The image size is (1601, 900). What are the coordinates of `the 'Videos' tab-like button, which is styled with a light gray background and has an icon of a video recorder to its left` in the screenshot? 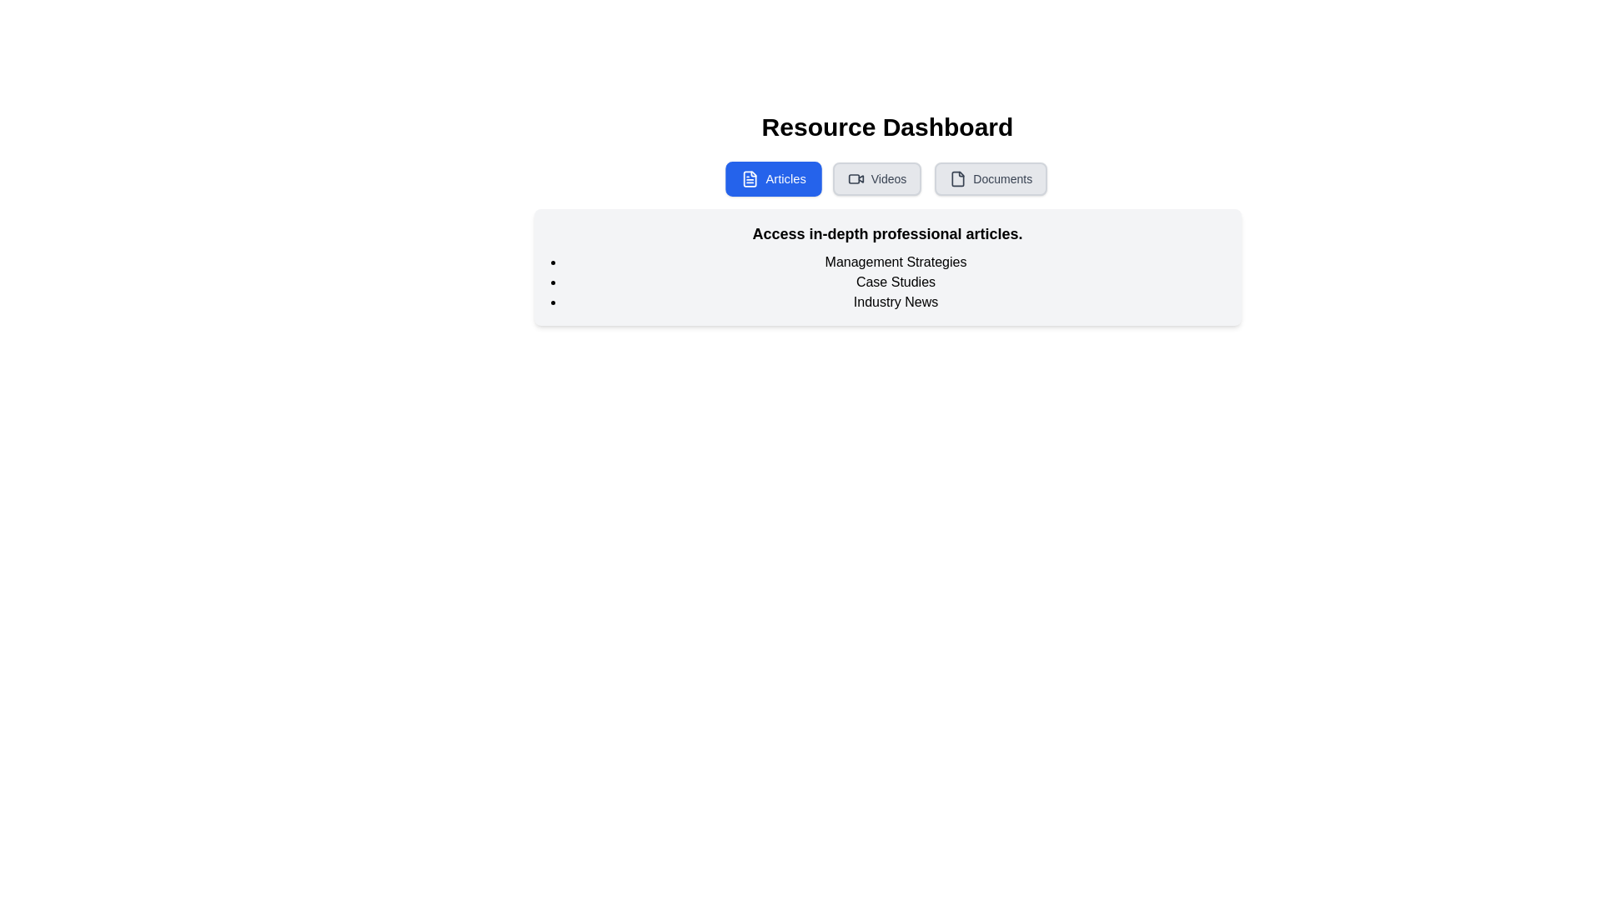 It's located at (876, 179).